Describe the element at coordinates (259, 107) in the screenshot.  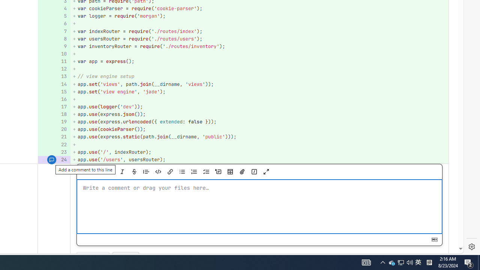
I see `'+ app.use(logger('` at that location.